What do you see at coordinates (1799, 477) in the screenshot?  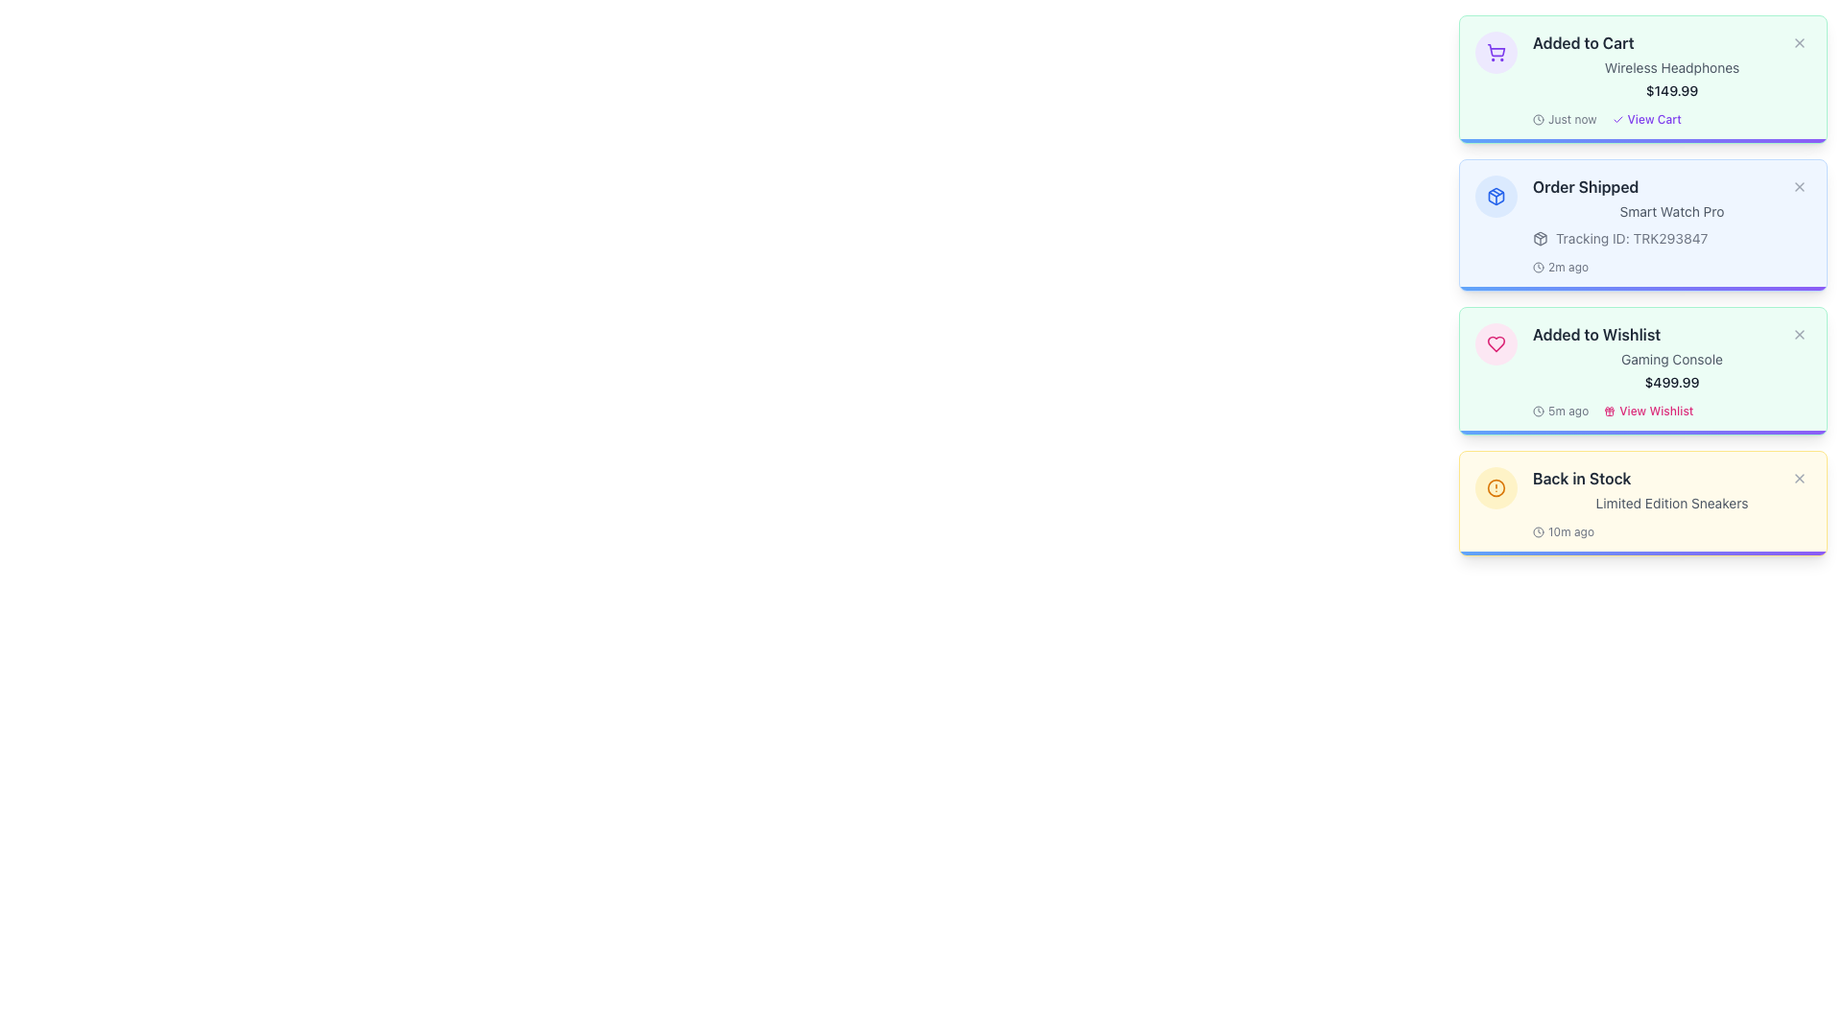 I see `the small circular button featuring an 'X' icon in the top-right corner of the 'Back in Stock' notification card` at bounding box center [1799, 477].